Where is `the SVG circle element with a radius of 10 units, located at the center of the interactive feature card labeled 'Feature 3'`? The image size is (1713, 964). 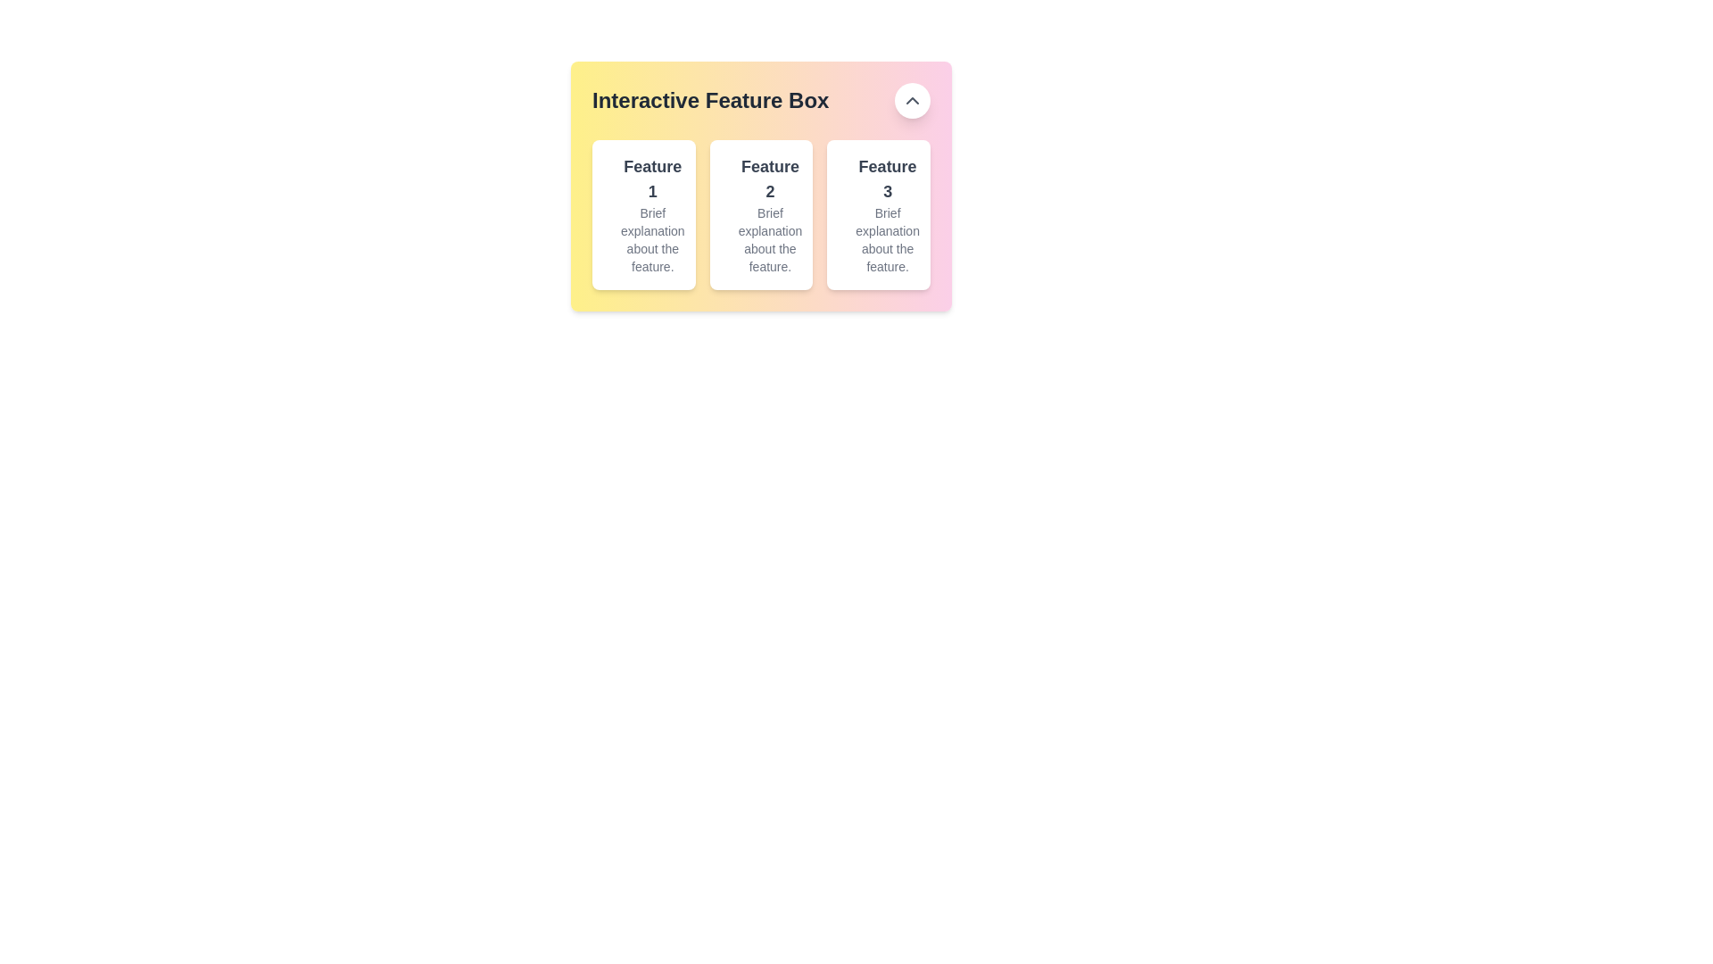
the SVG circle element with a radius of 10 units, located at the center of the interactive feature card labeled 'Feature 3' is located at coordinates (851, 206).